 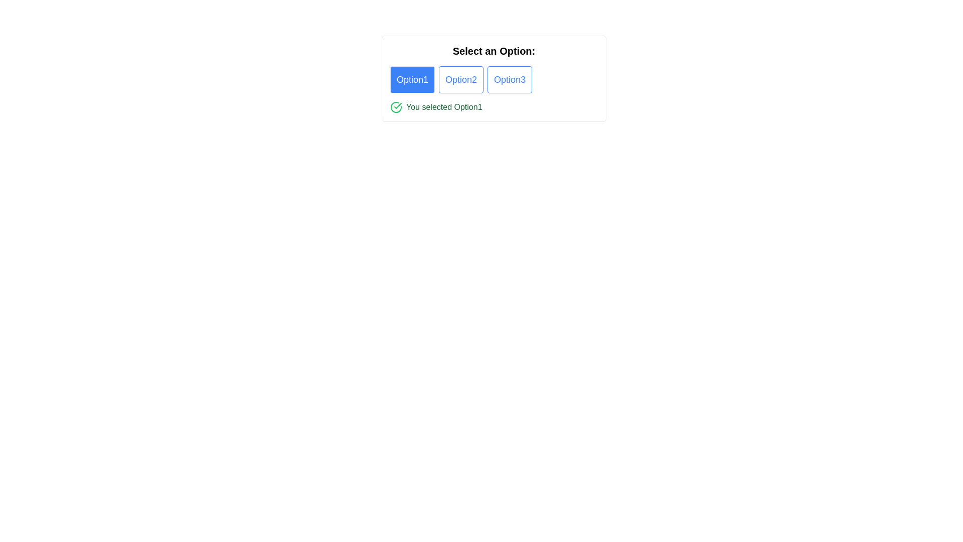 I want to click on the 'Option2' button to activate its hover effect, which scales the button size slightly, so click(x=460, y=79).